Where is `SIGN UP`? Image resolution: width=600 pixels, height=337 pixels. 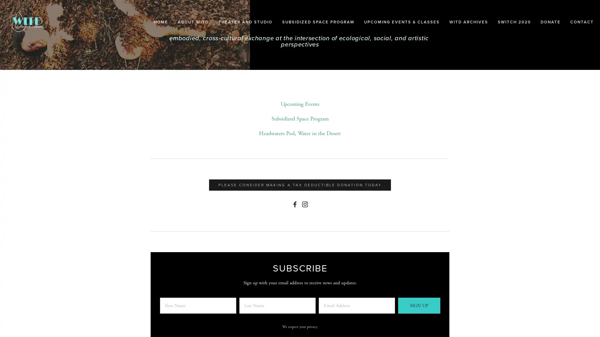 SIGN UP is located at coordinates (419, 305).